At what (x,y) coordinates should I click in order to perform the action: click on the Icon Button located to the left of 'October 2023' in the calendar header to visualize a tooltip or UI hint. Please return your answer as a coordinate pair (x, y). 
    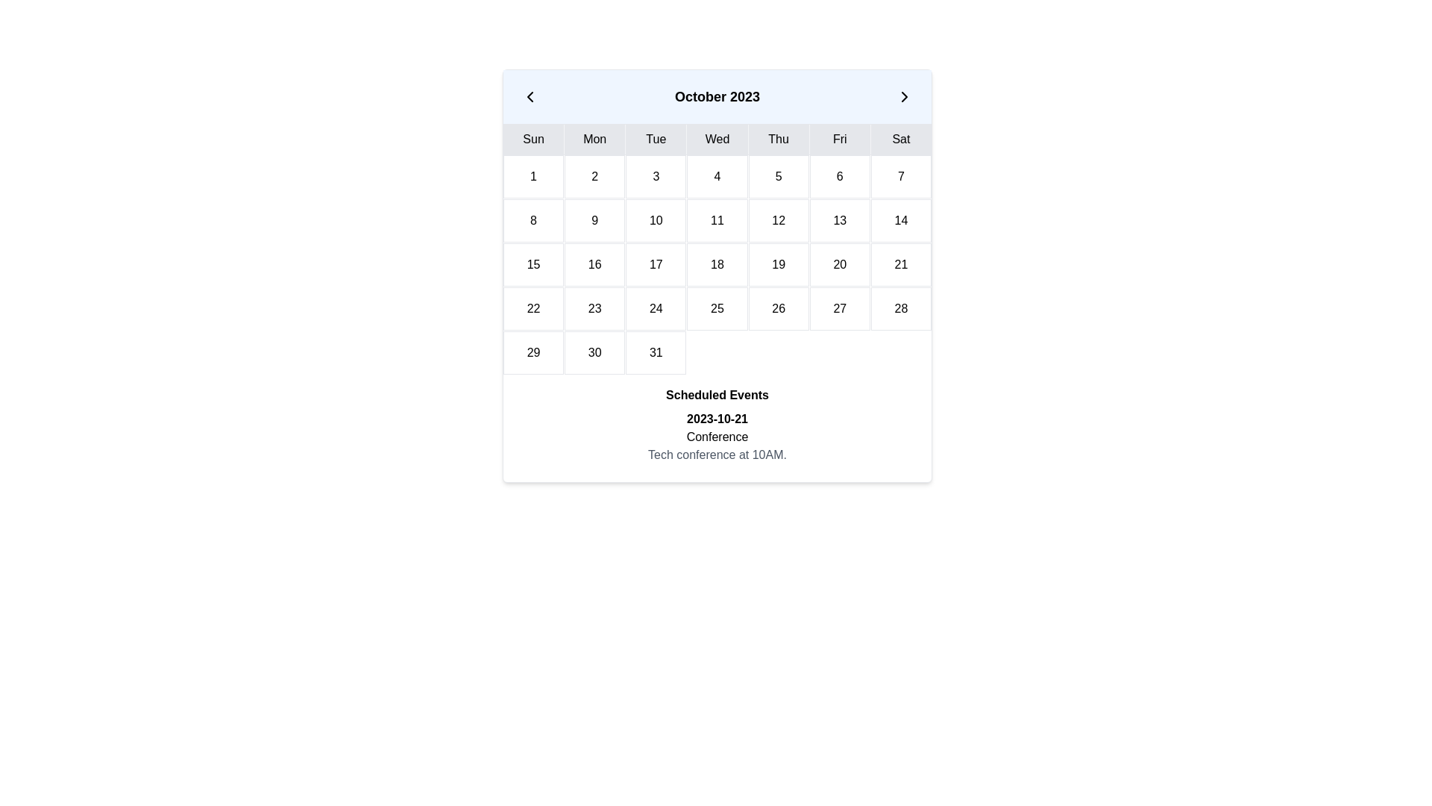
    Looking at the image, I should click on (530, 97).